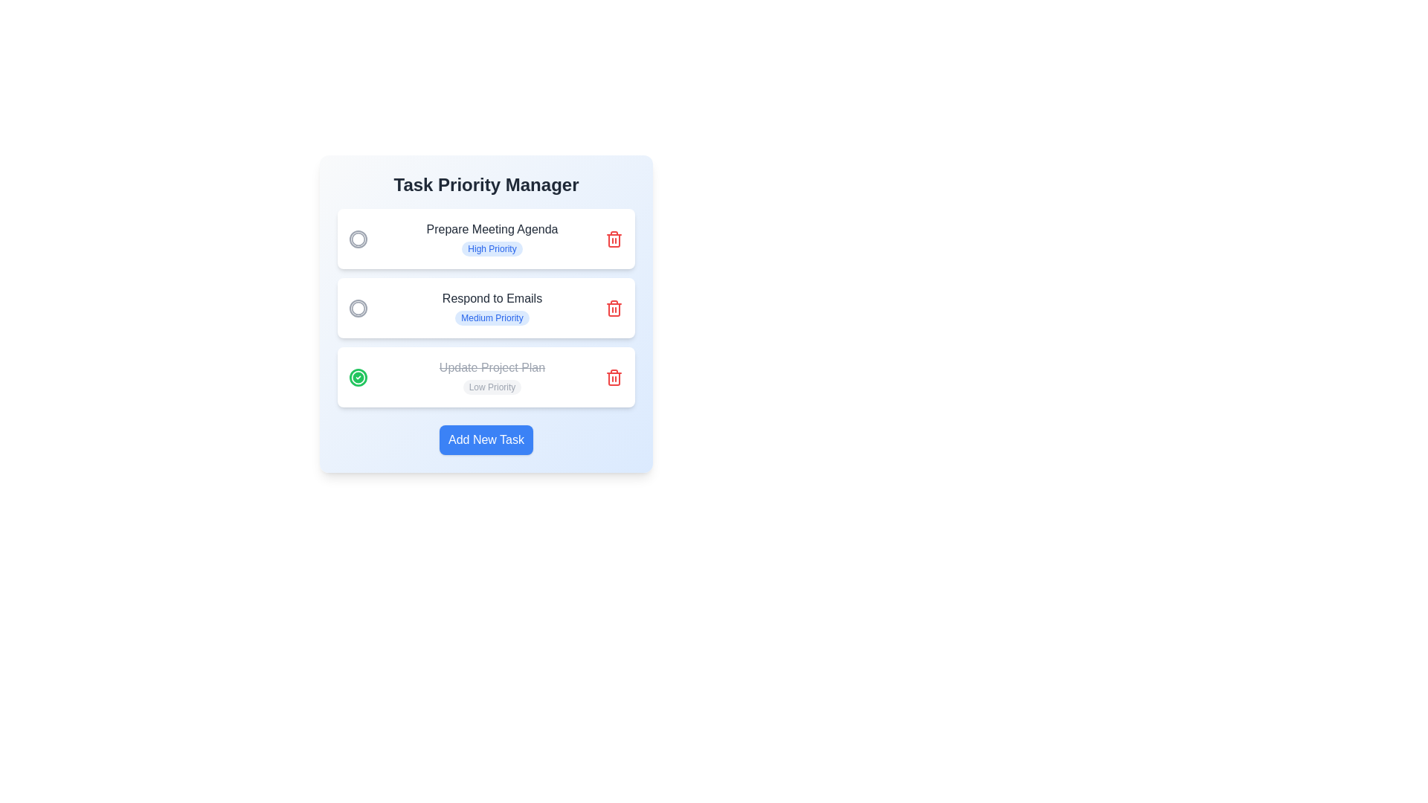  Describe the element at coordinates (358, 307) in the screenshot. I see `the circular indicator icon located to the left of the task title 'Respond to Emails' in the second list item of the task list` at that location.